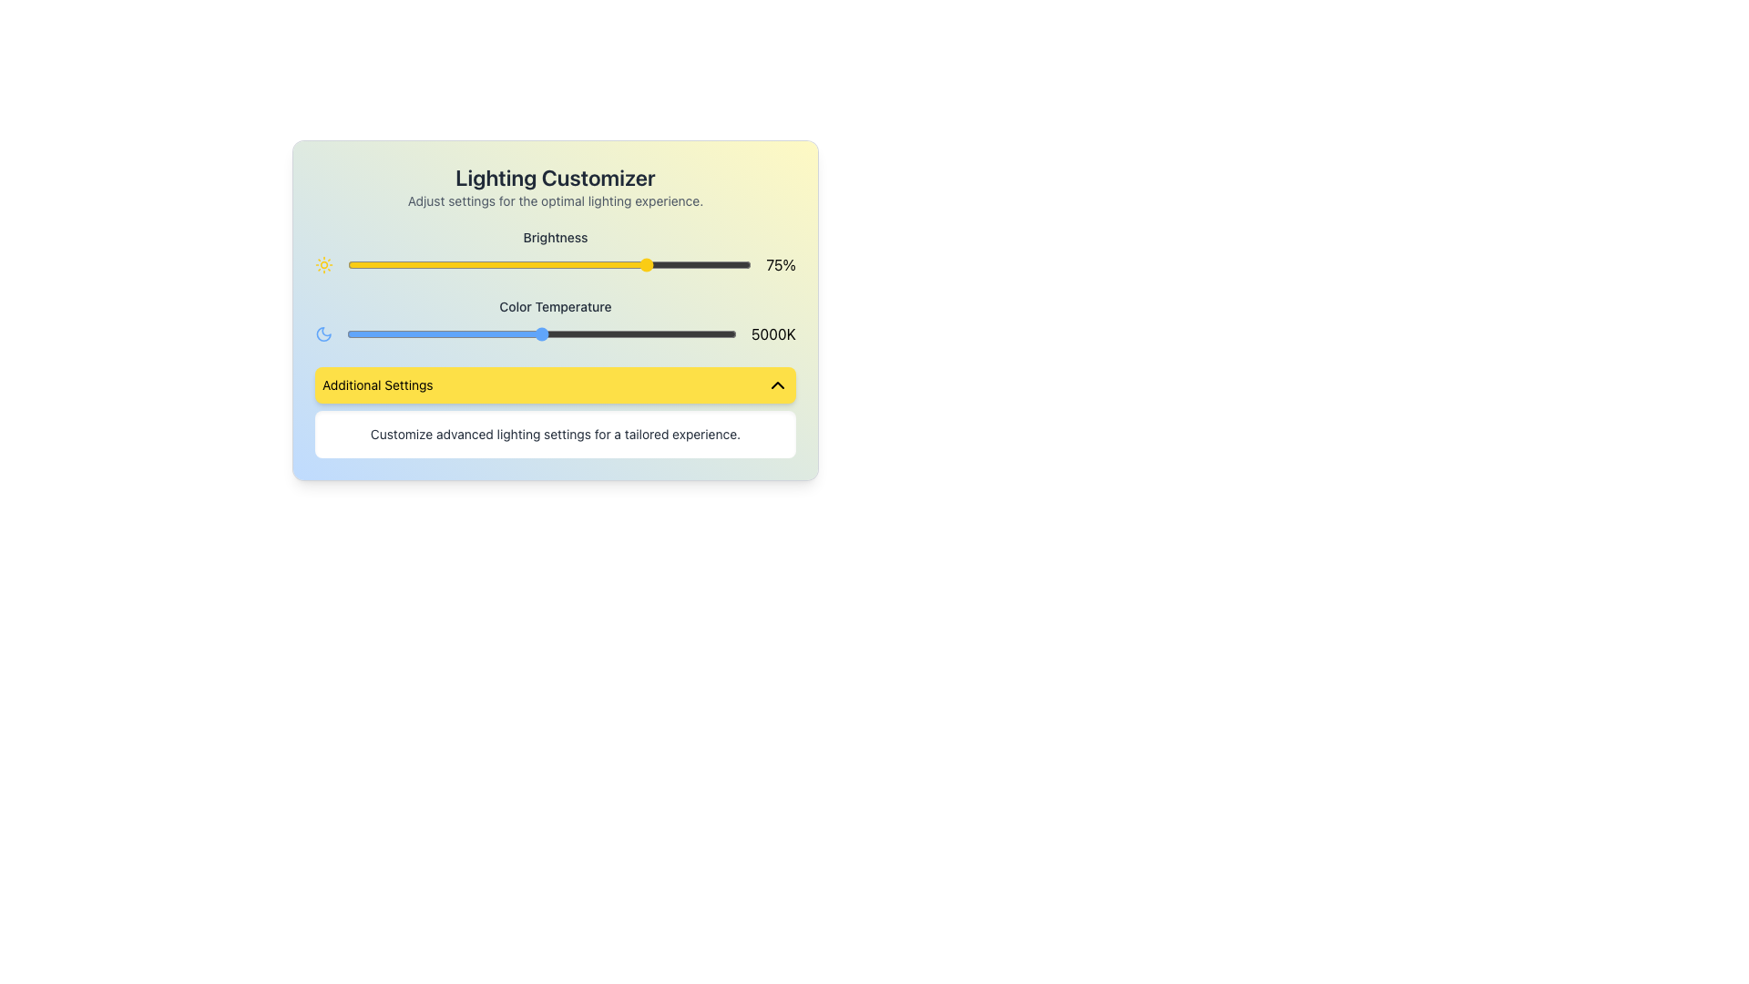 Image resolution: width=1749 pixels, height=984 pixels. Describe the element at coordinates (566, 333) in the screenshot. I see `the color temperature` at that location.